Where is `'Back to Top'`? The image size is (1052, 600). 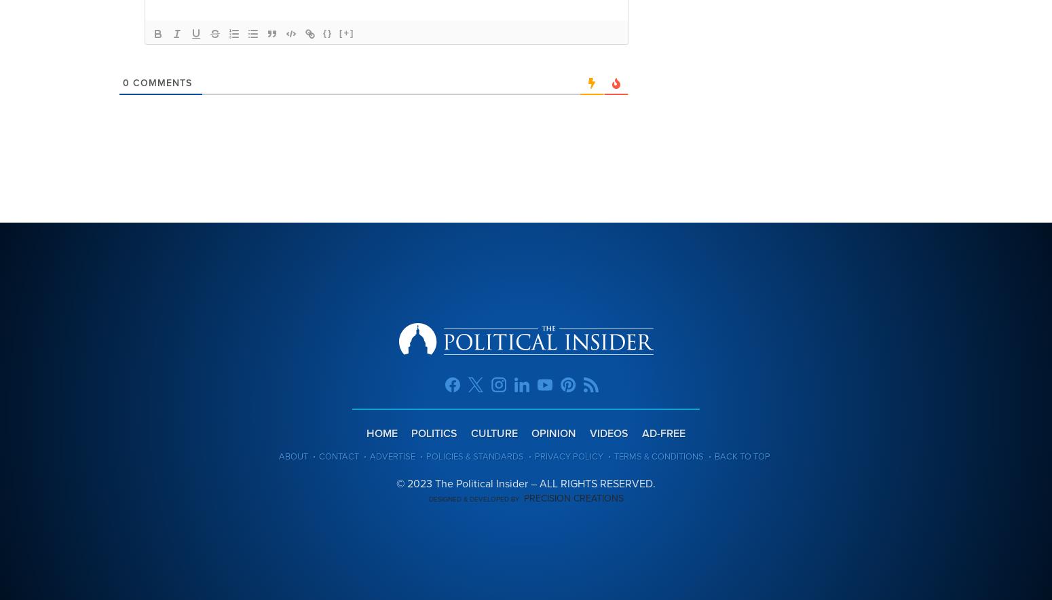
'Back to Top' is located at coordinates (713, 456).